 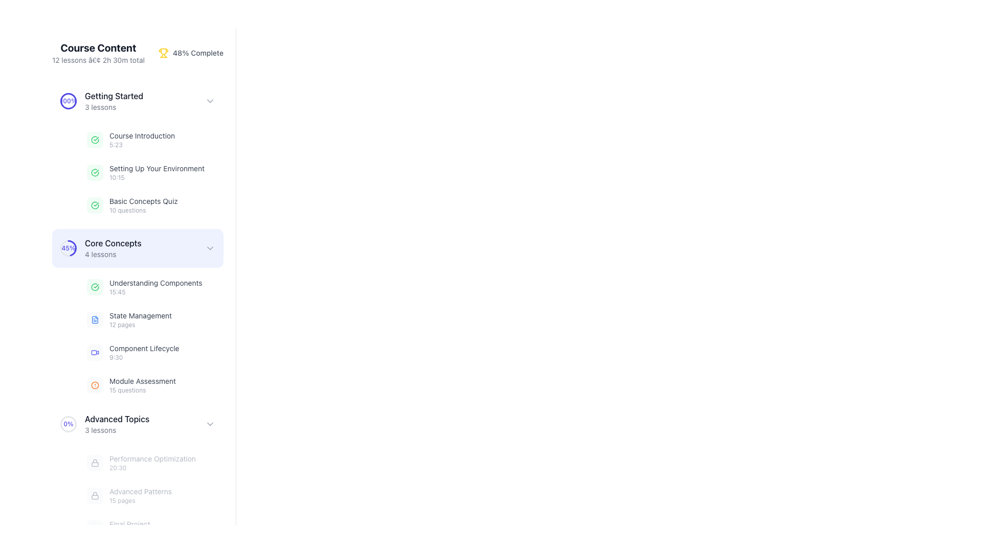 I want to click on the Static Text element that denotes the title or name of a lesson, located above the text '15:45' in the 'Core Concepts' section, so click(x=155, y=283).